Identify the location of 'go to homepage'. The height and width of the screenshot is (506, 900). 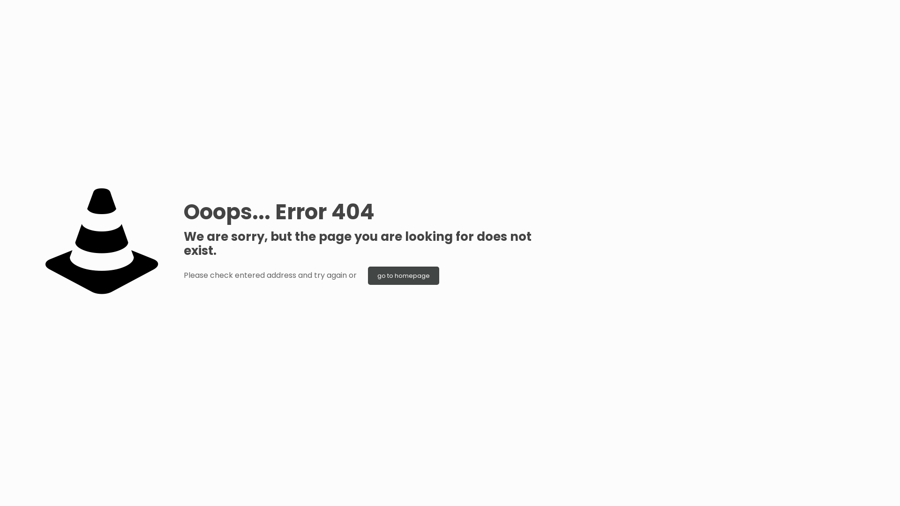
(403, 275).